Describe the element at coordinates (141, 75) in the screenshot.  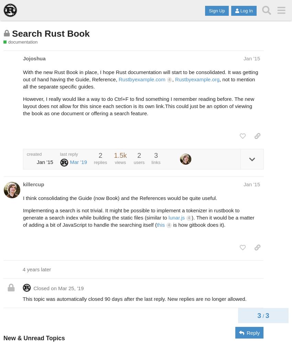
I see `'With the new Rust Book in place, I hope Rust documentation will start to be consolidated. It was getting out of hand having the Guide, Reference,'` at that location.